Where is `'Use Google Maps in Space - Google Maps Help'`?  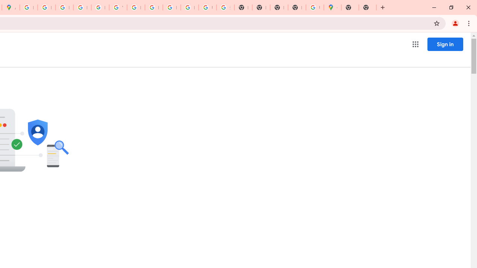
'Use Google Maps in Space - Google Maps Help' is located at coordinates (315, 7).